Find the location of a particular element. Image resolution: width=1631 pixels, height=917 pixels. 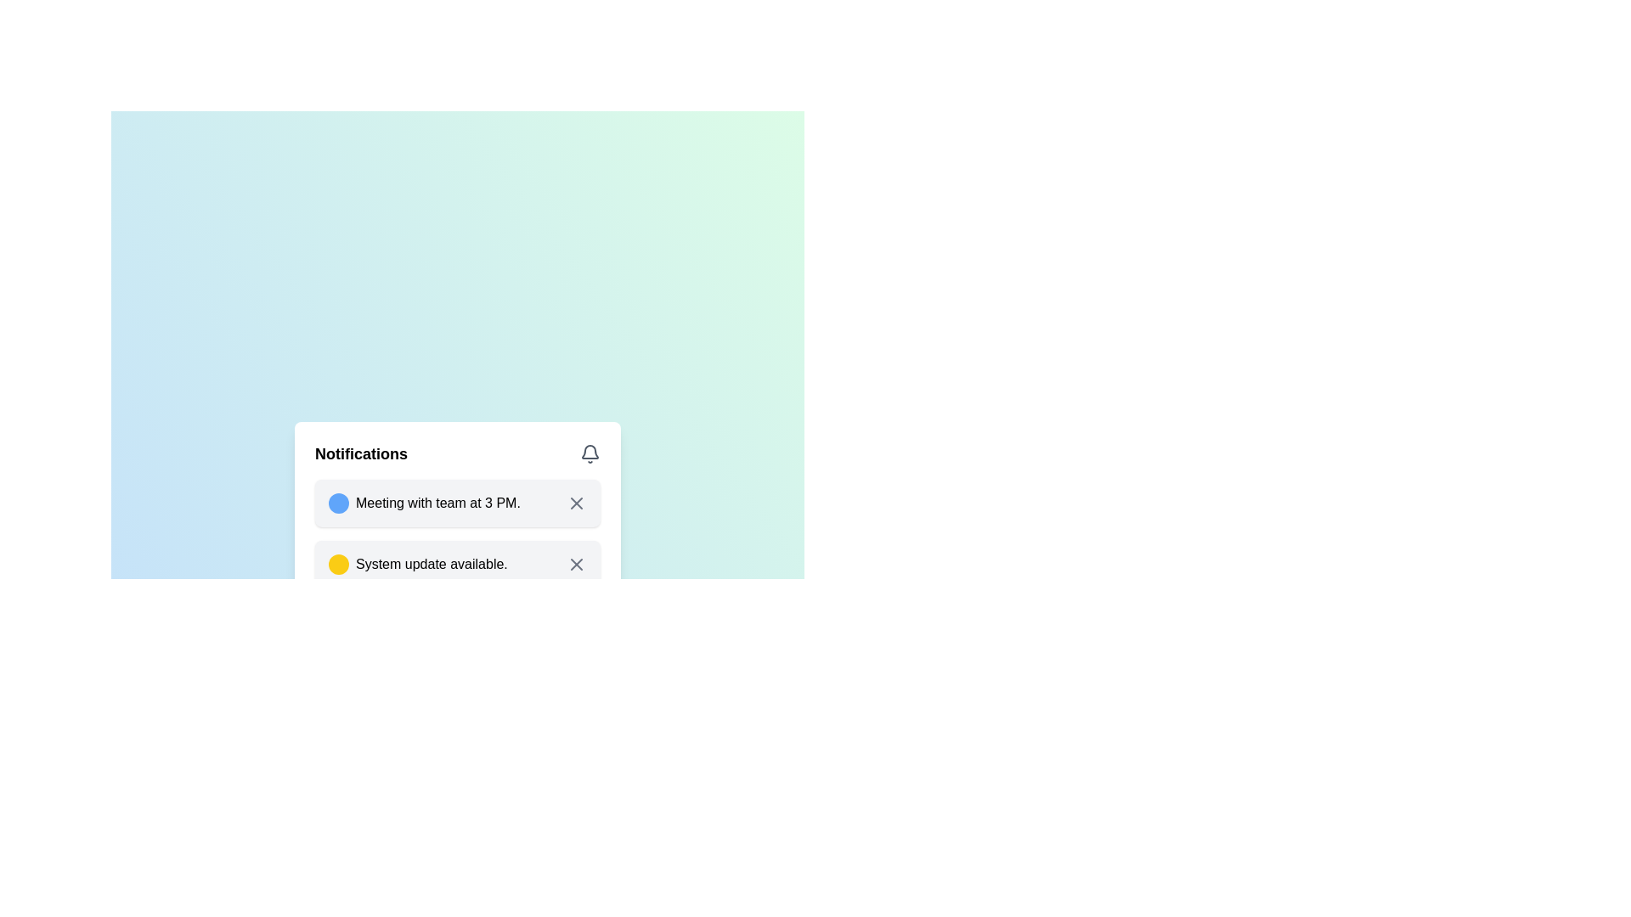

the second notification item in the vertically stacked list is located at coordinates (457, 570).